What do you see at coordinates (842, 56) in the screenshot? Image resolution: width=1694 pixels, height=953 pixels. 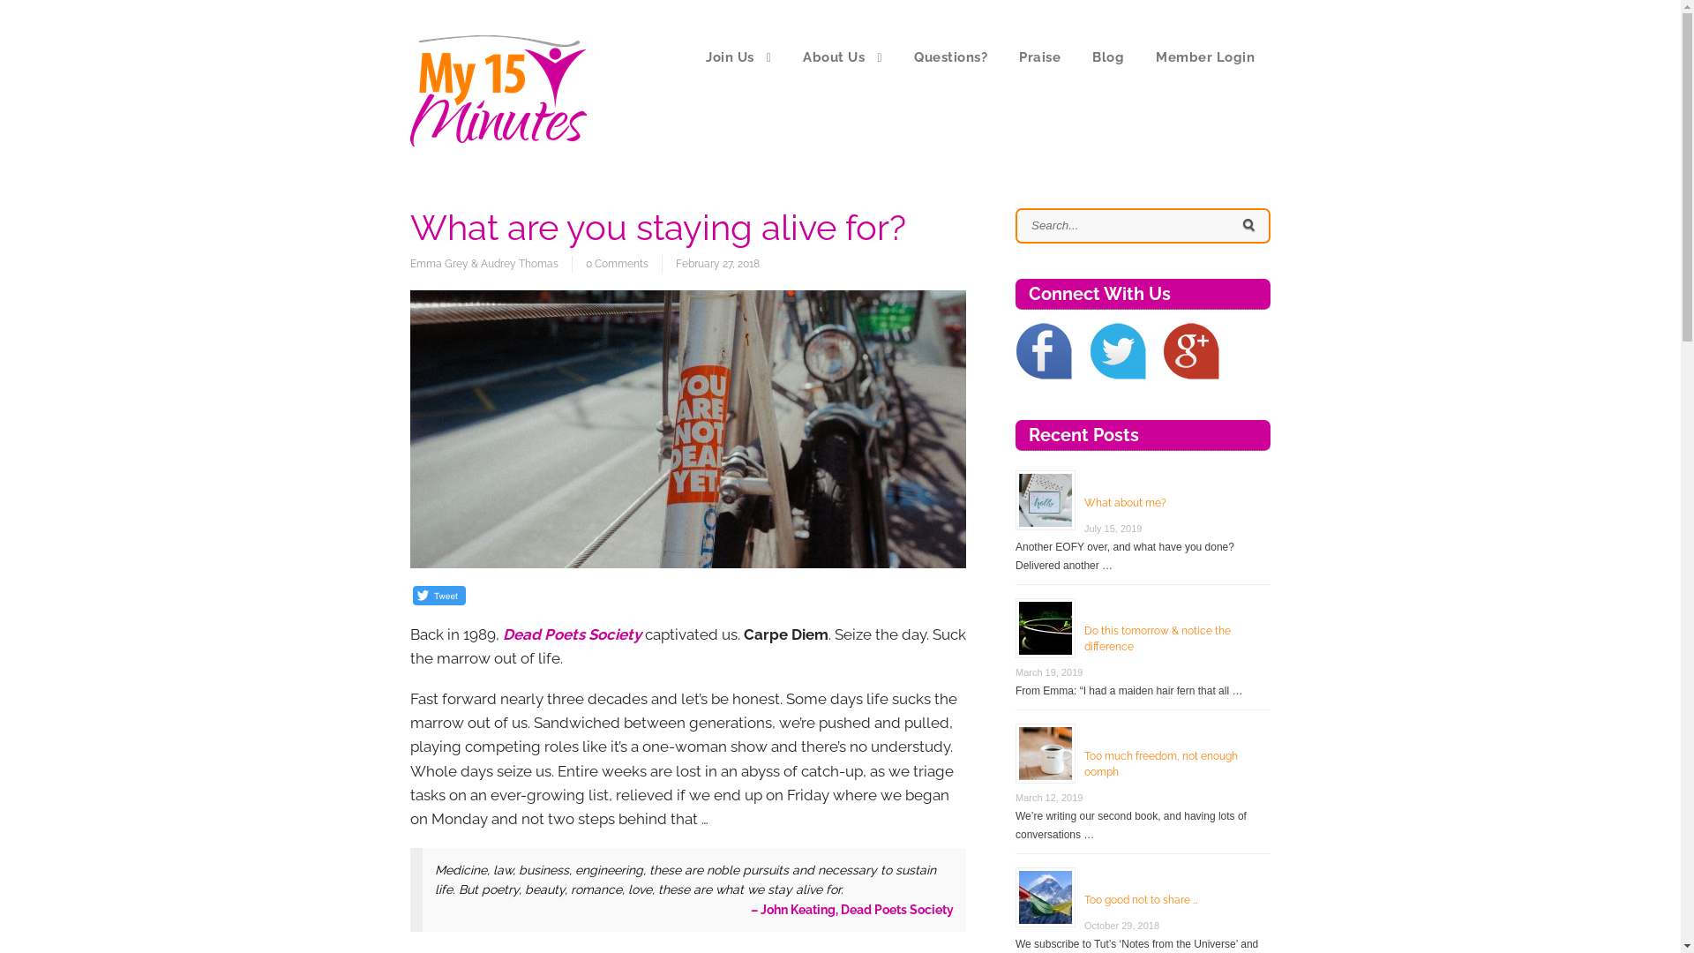 I see `'About Us'` at bounding box center [842, 56].